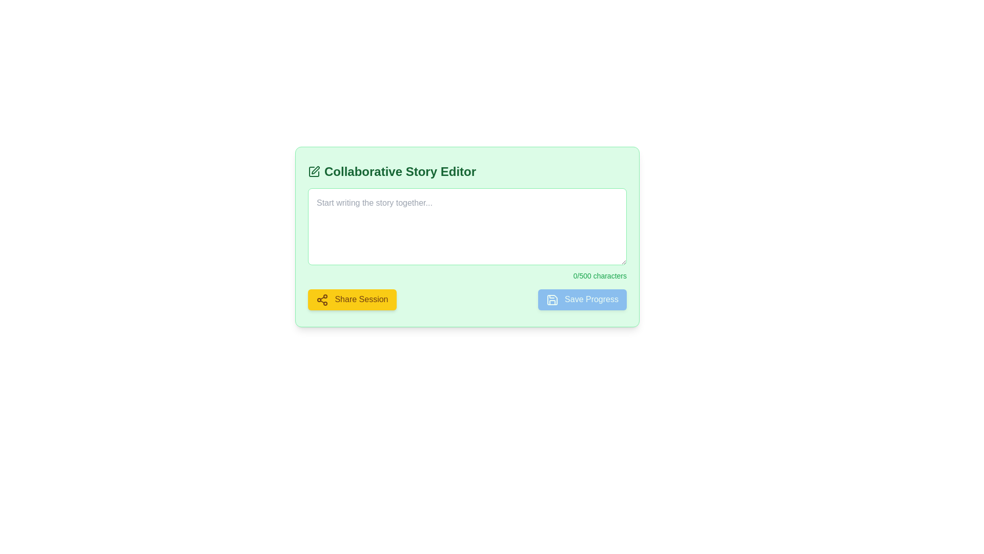  What do you see at coordinates (352, 300) in the screenshot?
I see `the share button located at the bottom-left of the horizontal bar` at bounding box center [352, 300].